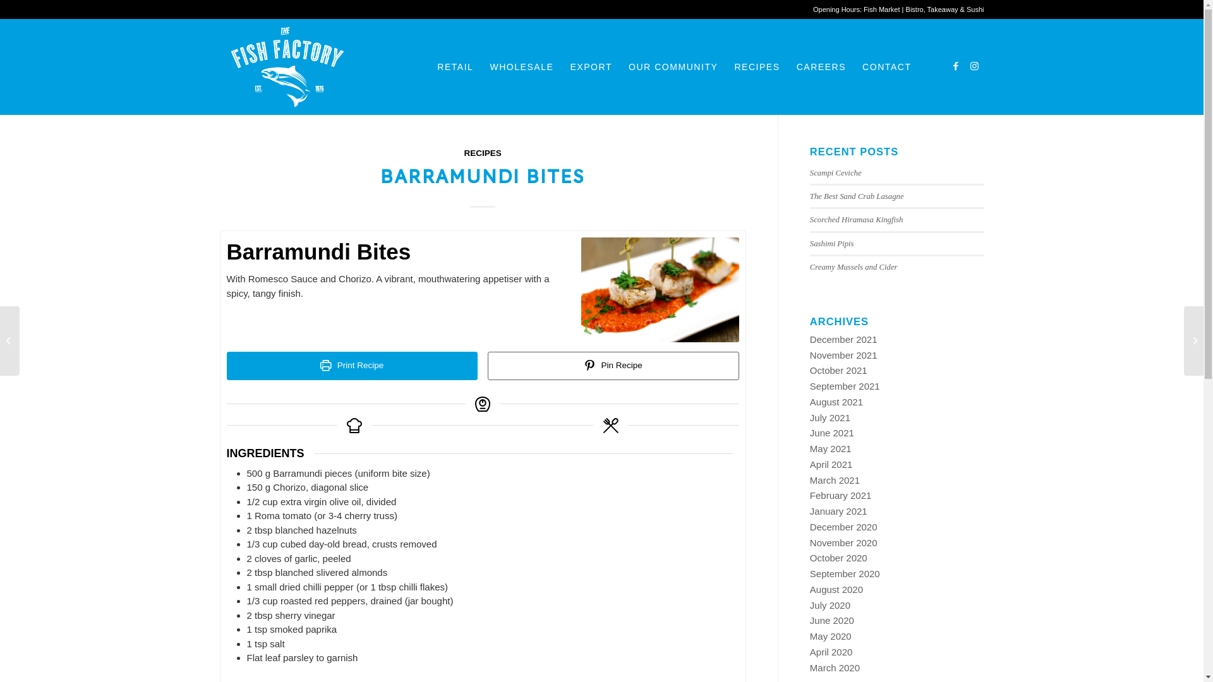 The height and width of the screenshot is (682, 1213). Describe the element at coordinates (845, 573) in the screenshot. I see `'September 2020'` at that location.